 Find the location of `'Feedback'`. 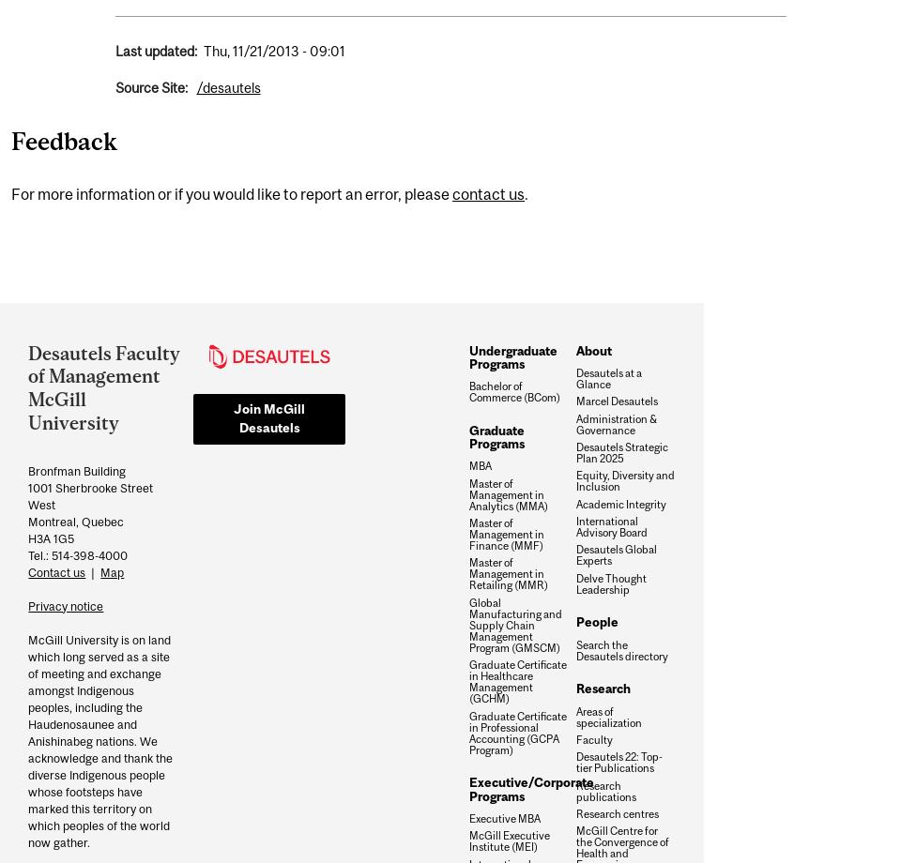

'Feedback' is located at coordinates (64, 139).